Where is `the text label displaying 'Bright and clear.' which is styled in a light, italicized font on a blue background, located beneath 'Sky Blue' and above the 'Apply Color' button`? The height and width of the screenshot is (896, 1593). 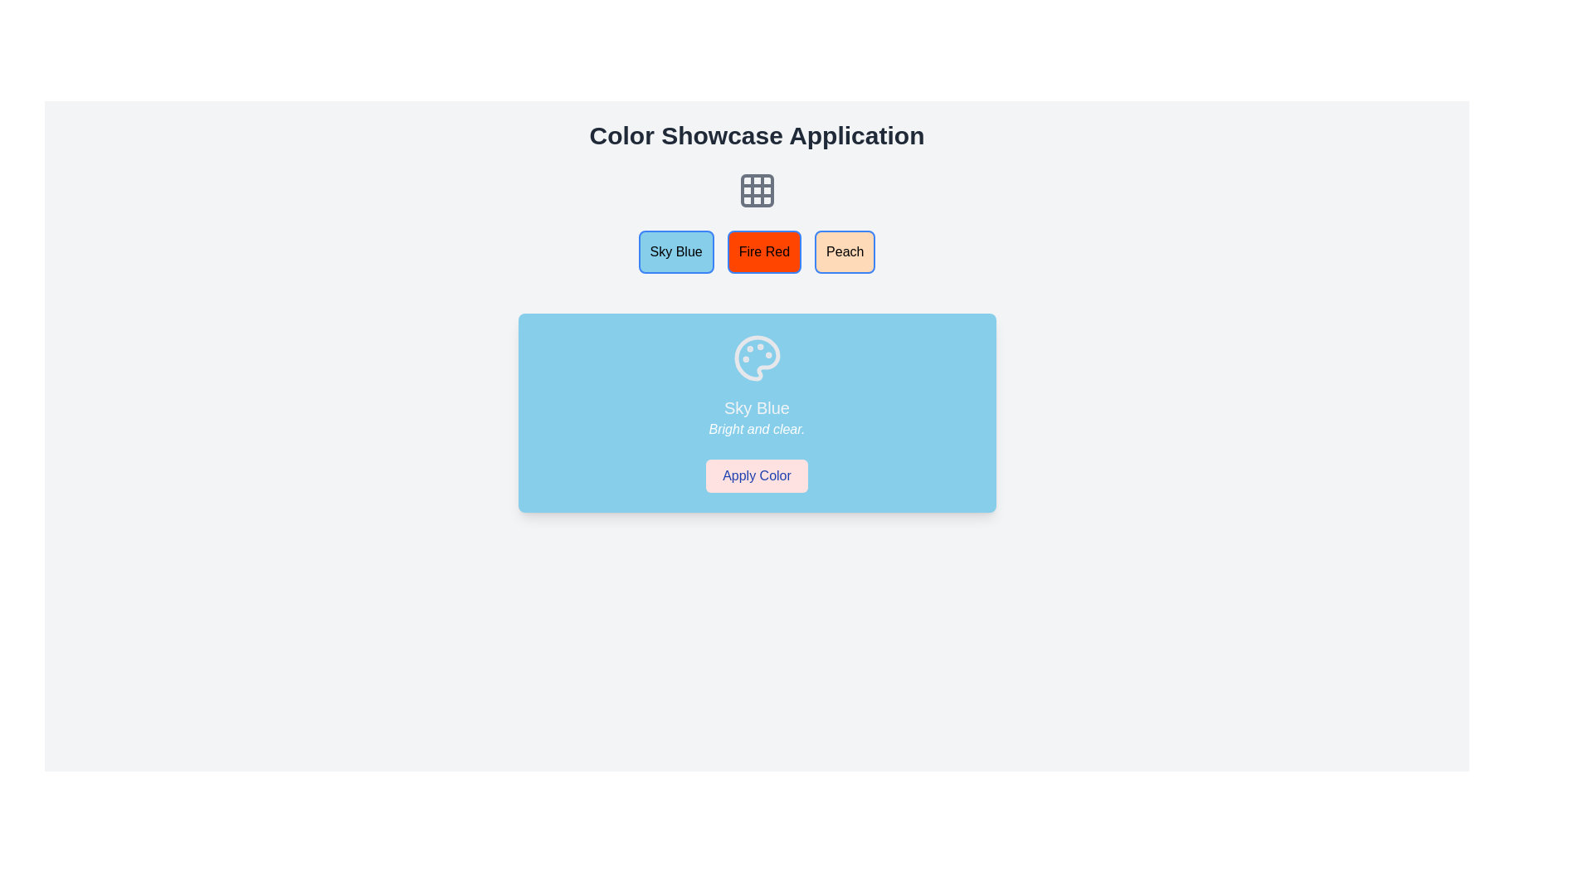
the text label displaying 'Bright and clear.' which is styled in a light, italicized font on a blue background, located beneath 'Sky Blue' and above the 'Apply Color' button is located at coordinates (756, 428).